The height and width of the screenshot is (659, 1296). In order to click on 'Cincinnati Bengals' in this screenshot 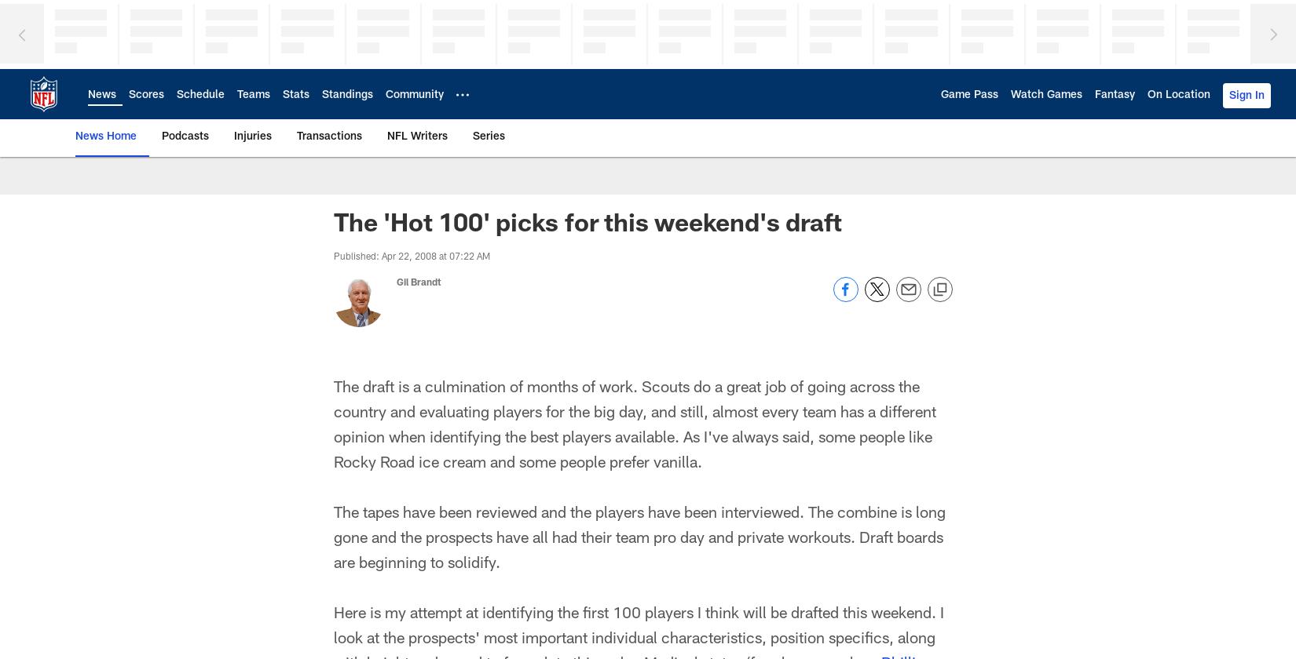, I will do `click(450, 202)`.